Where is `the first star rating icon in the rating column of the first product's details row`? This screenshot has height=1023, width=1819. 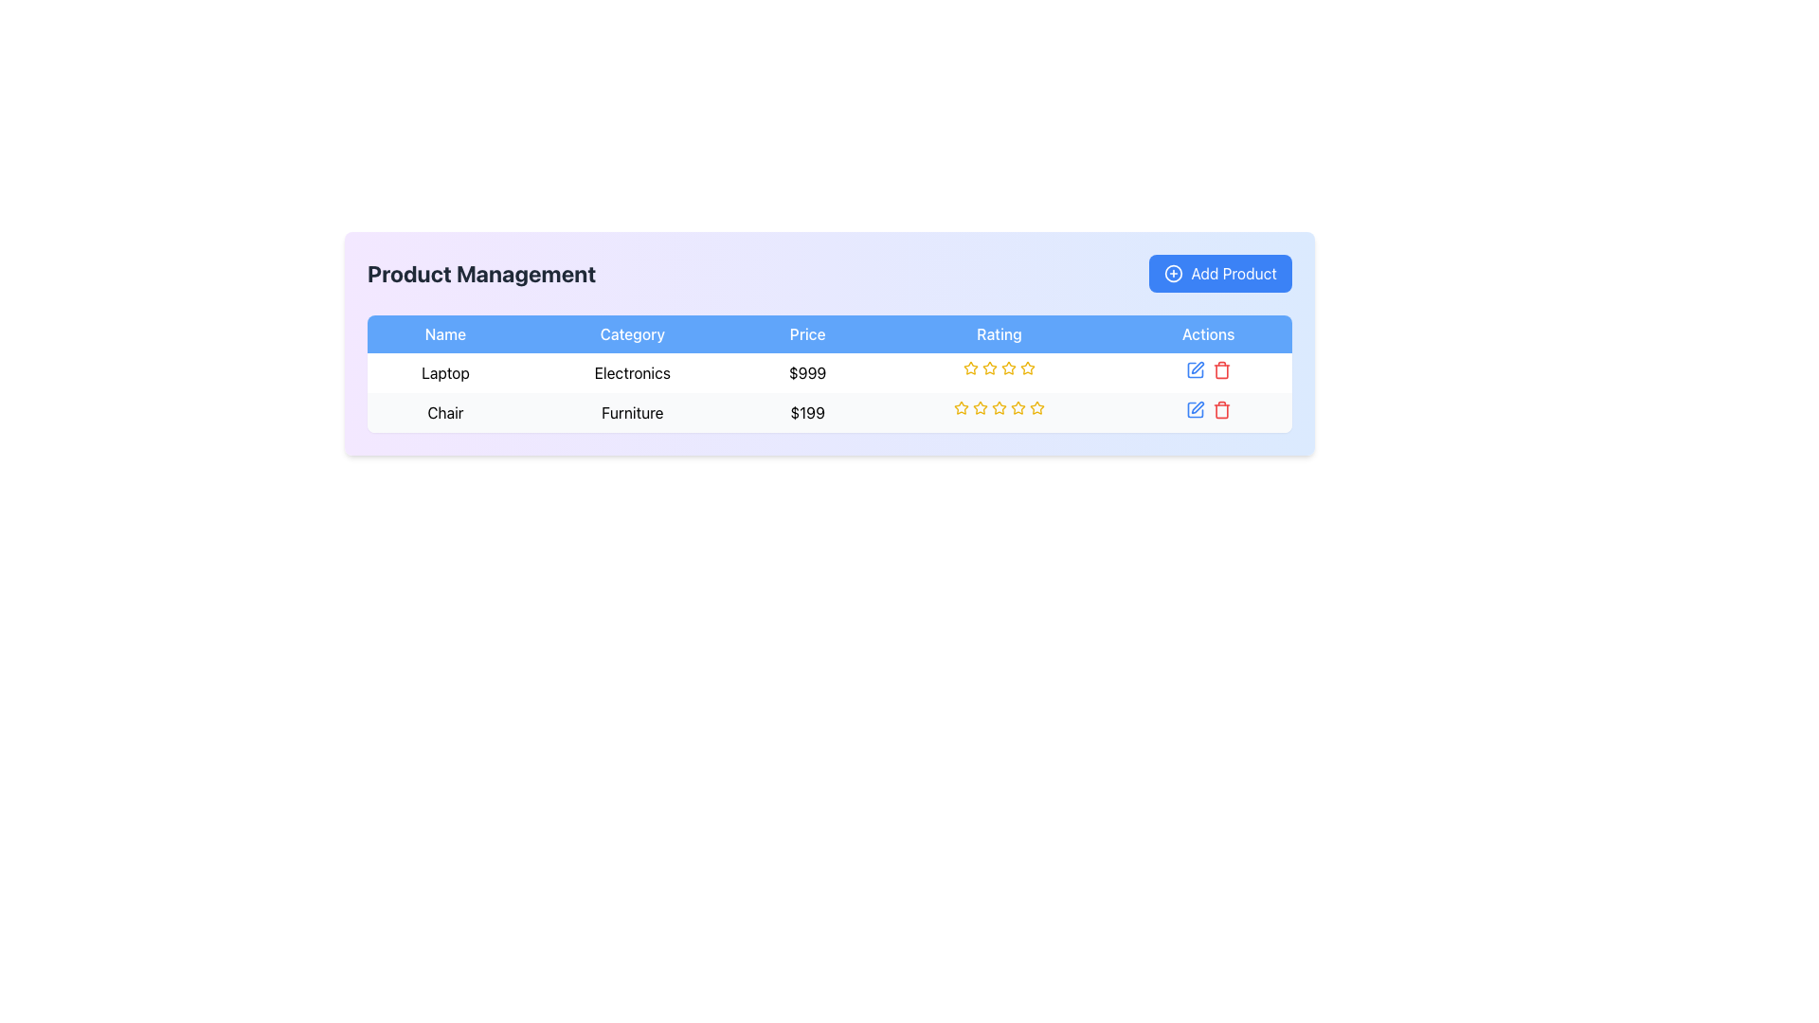
the first star rating icon in the rating column of the first product's details row is located at coordinates (969, 368).